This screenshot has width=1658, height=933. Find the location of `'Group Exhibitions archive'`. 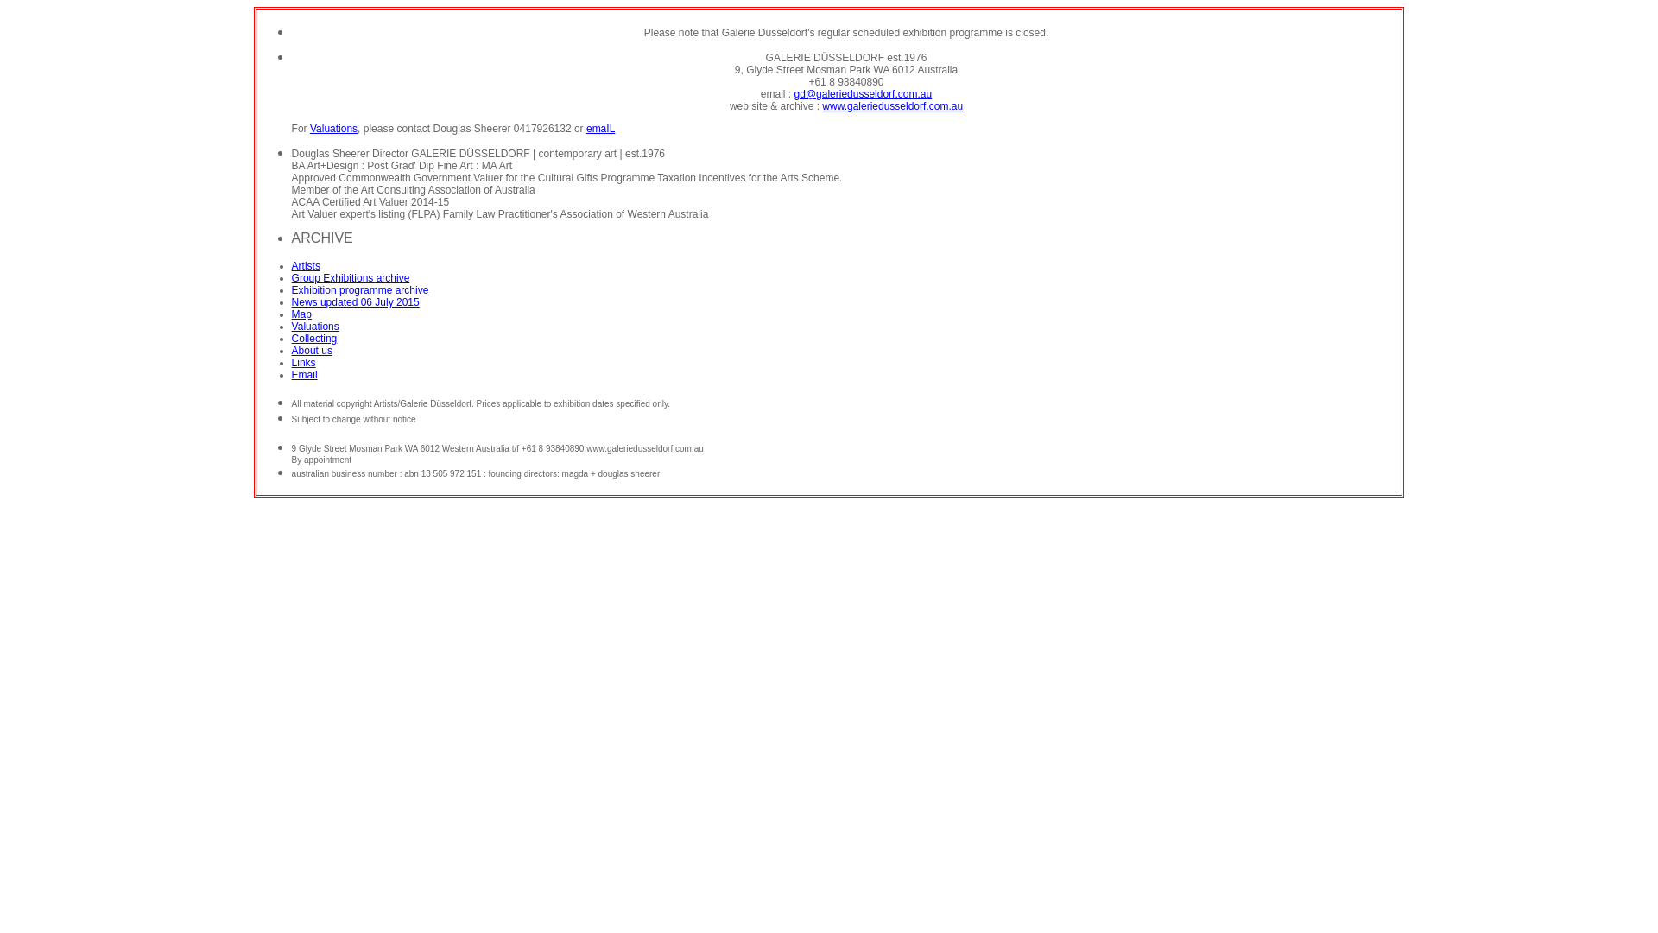

'Group Exhibitions archive' is located at coordinates (350, 276).